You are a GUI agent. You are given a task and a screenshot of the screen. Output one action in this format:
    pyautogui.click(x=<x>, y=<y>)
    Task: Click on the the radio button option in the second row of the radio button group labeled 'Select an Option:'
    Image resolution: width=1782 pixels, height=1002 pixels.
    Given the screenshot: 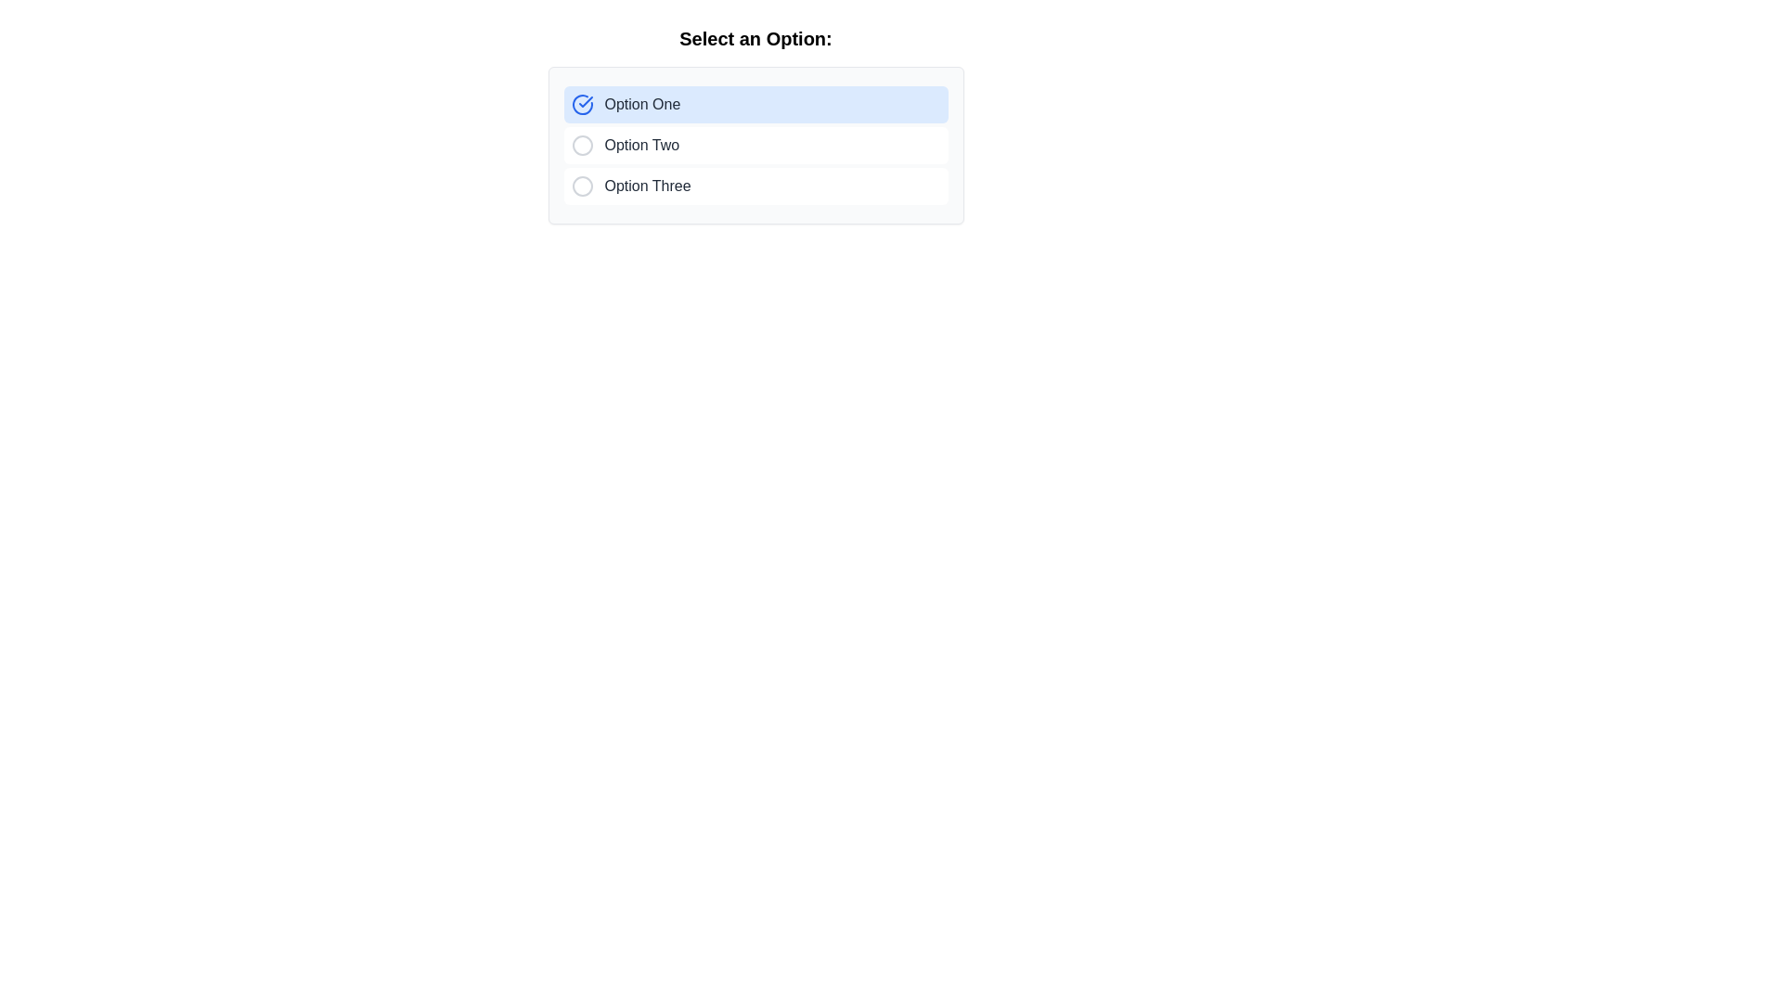 What is the action you would take?
    pyautogui.click(x=755, y=145)
    